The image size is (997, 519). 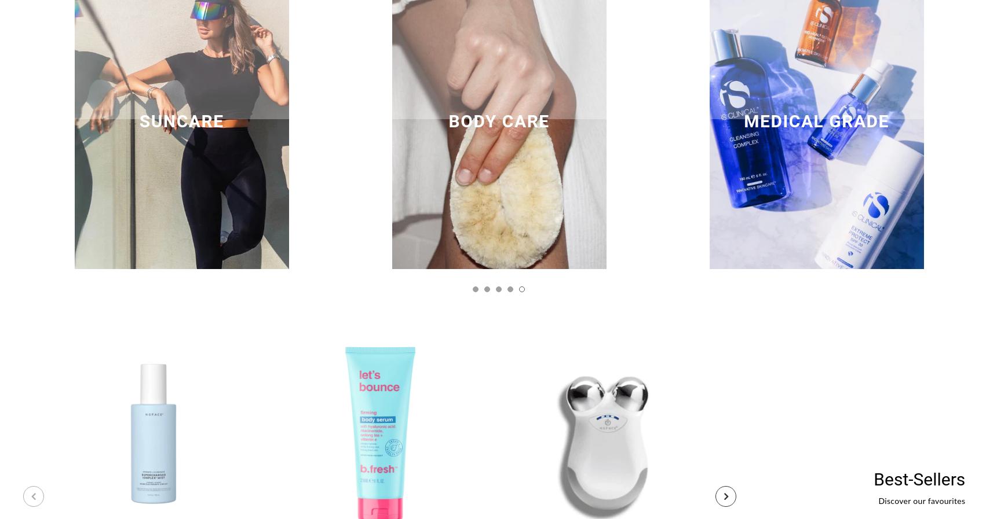 What do you see at coordinates (498, 120) in the screenshot?
I see `'Body Care'` at bounding box center [498, 120].